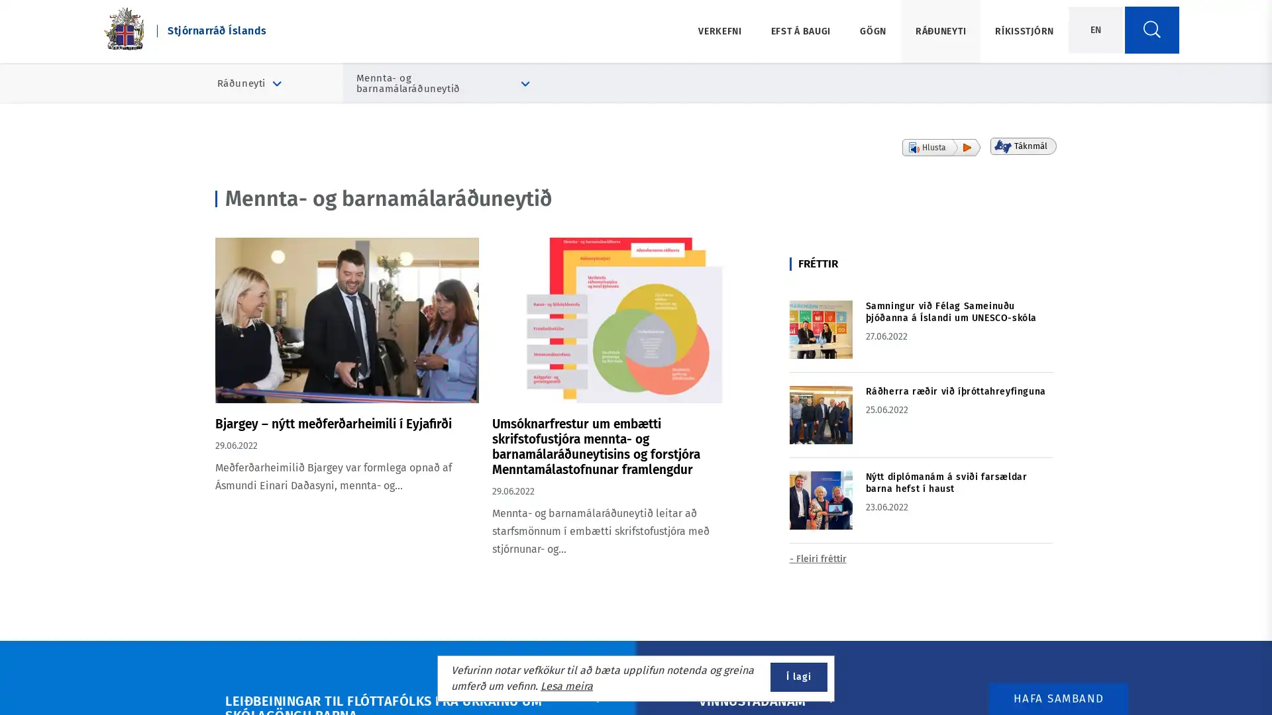 The height and width of the screenshot is (715, 1272). Describe the element at coordinates (940, 148) in the screenshot. I see `Hlusta` at that location.